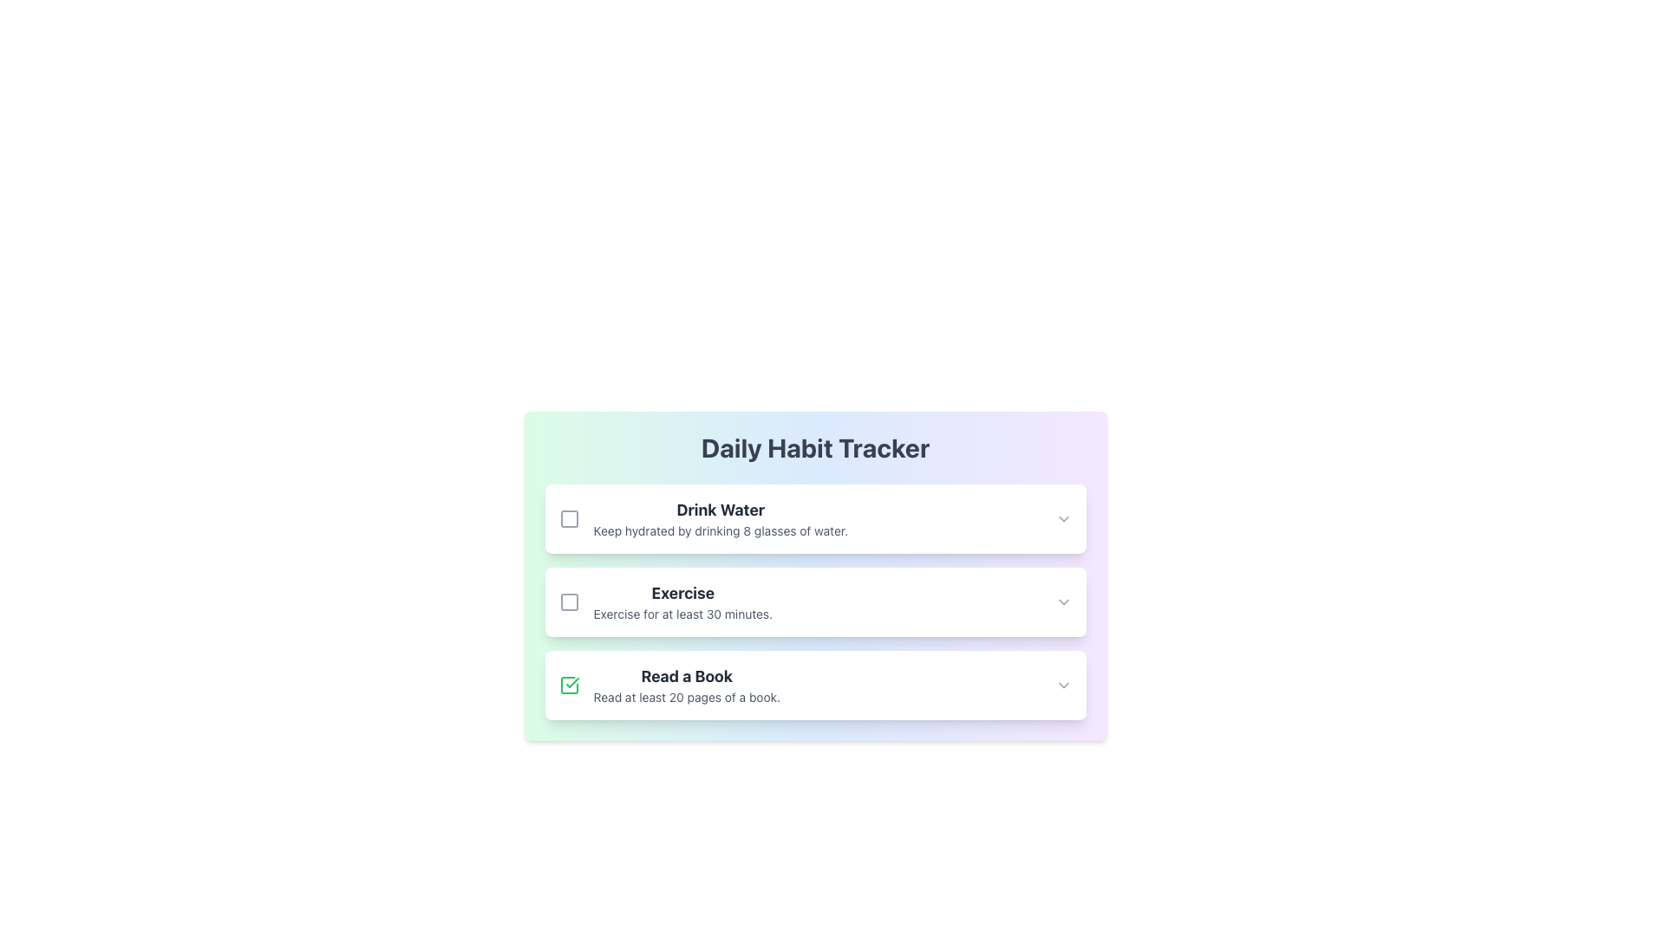 This screenshot has width=1665, height=936. What do you see at coordinates (686, 675) in the screenshot?
I see `the 'Read a Book' descriptive label, which is the first text line in a white card section of the Daily Habit Tracker, positioned above the subtext 'Read at least 20 pages of a book'` at bounding box center [686, 675].